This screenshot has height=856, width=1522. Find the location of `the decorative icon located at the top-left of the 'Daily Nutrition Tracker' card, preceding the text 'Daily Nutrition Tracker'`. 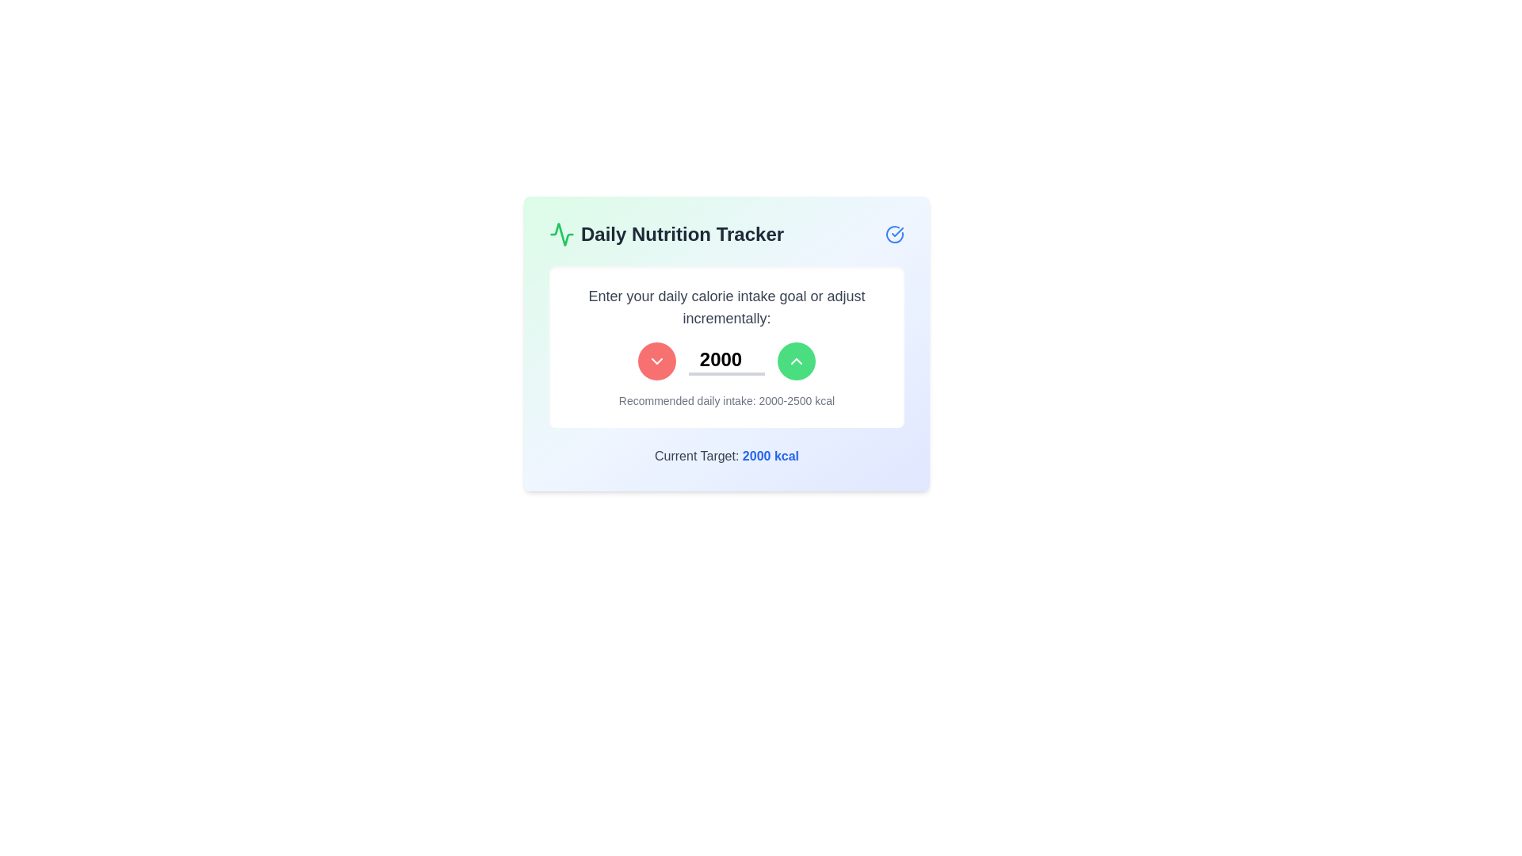

the decorative icon located at the top-left of the 'Daily Nutrition Tracker' card, preceding the text 'Daily Nutrition Tracker' is located at coordinates (562, 235).